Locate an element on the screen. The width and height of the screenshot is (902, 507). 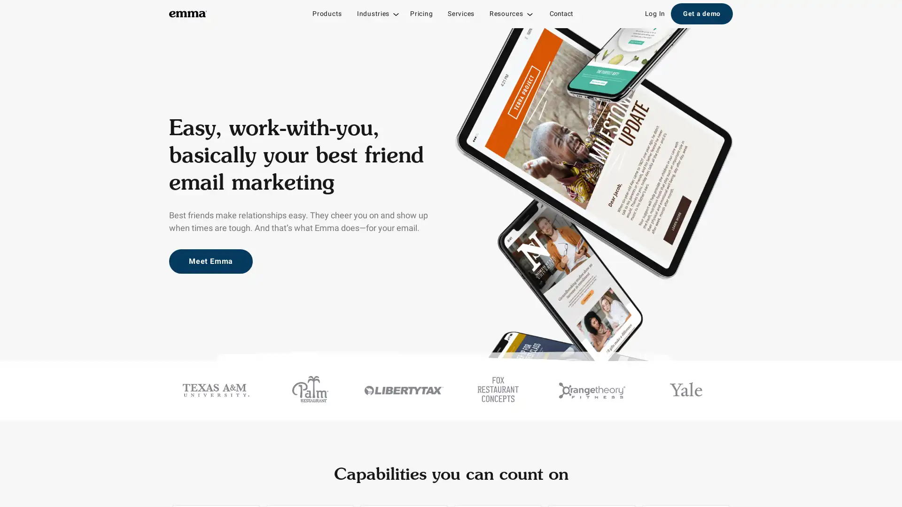
Contact is located at coordinates (558, 14).